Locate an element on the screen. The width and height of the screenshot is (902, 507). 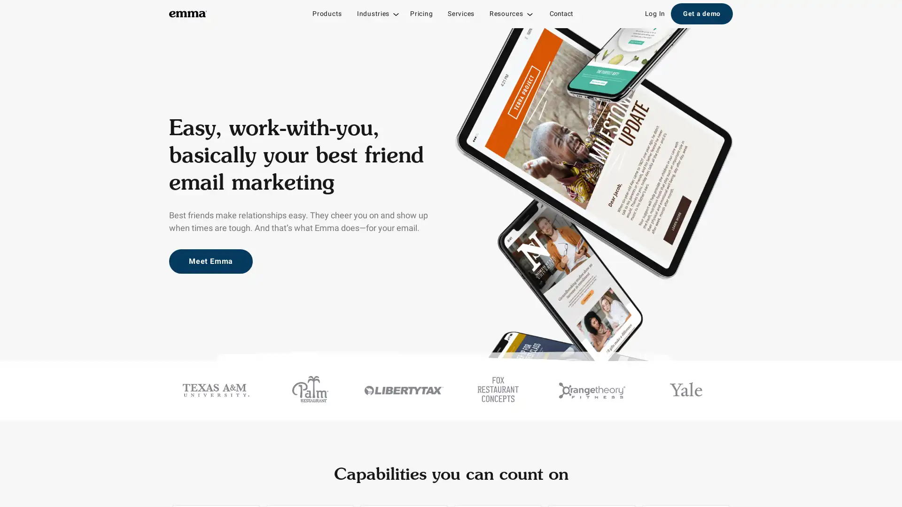
Contact is located at coordinates (558, 14).